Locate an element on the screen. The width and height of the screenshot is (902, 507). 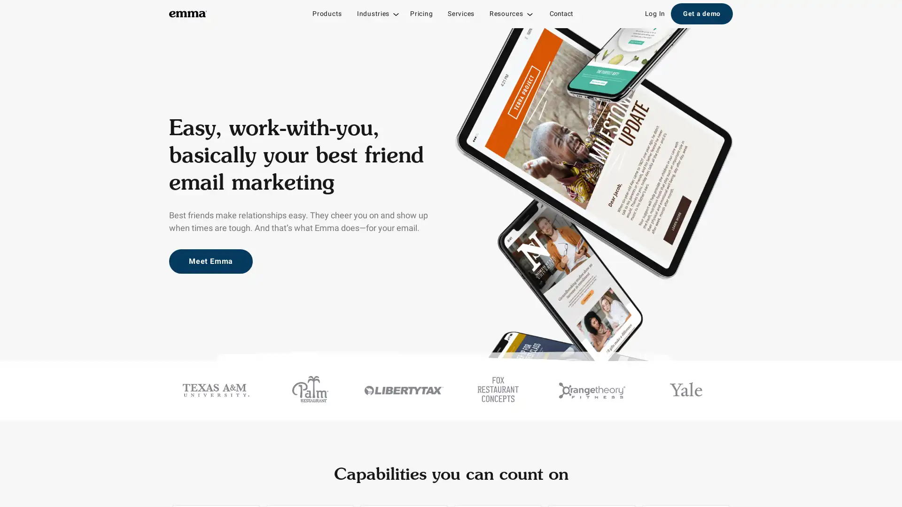
Contact is located at coordinates (558, 14).